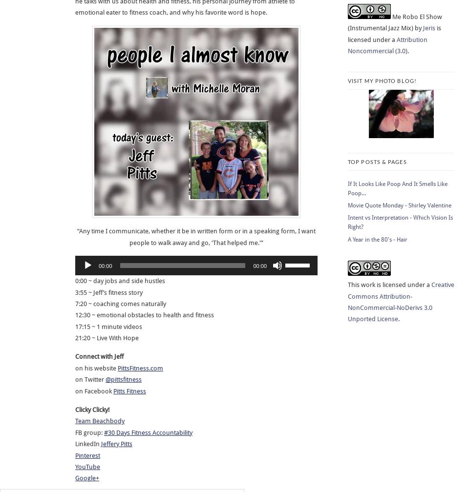  I want to click on 'by', so click(418, 28).